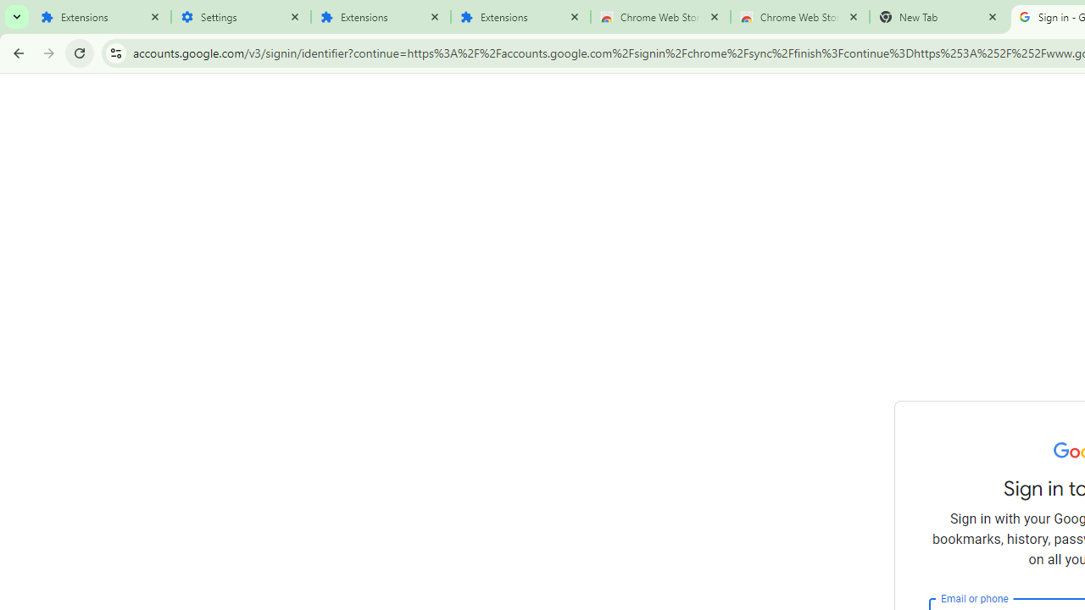  What do you see at coordinates (240, 17) in the screenshot?
I see `'Settings'` at bounding box center [240, 17].